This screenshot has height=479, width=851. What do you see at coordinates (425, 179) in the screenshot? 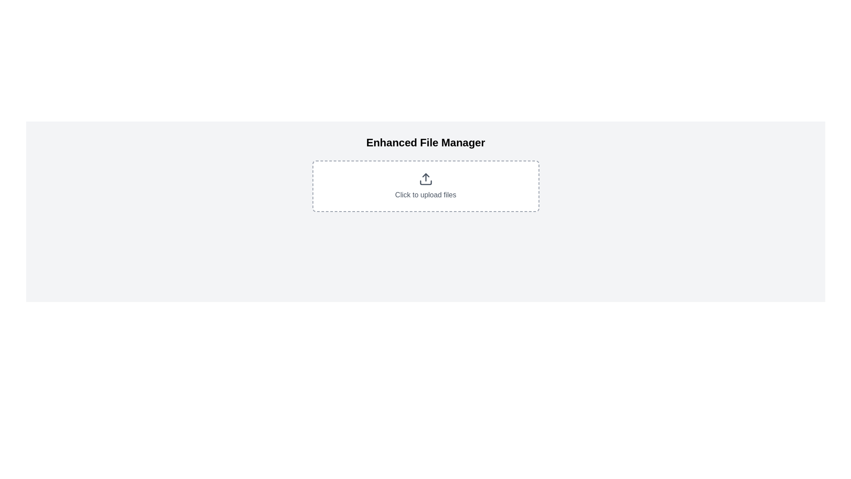
I see `the upload icon located within the bordered panel labeled 'Click to upload files', which serves as an illustrative icon for the upload feature` at bounding box center [425, 179].